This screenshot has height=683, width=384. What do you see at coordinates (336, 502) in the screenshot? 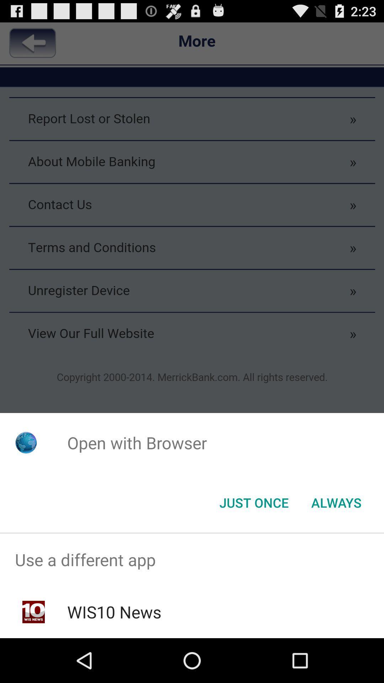
I see `the item below the open with browser app` at bounding box center [336, 502].